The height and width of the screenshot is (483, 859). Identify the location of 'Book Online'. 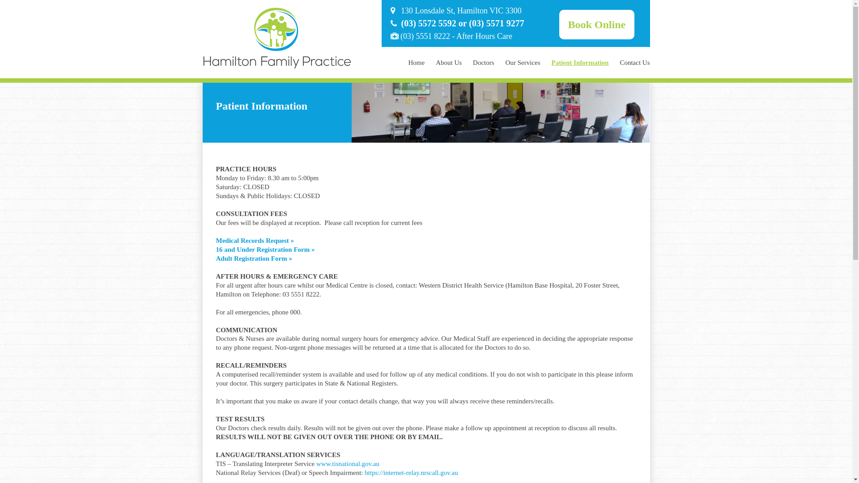
(597, 24).